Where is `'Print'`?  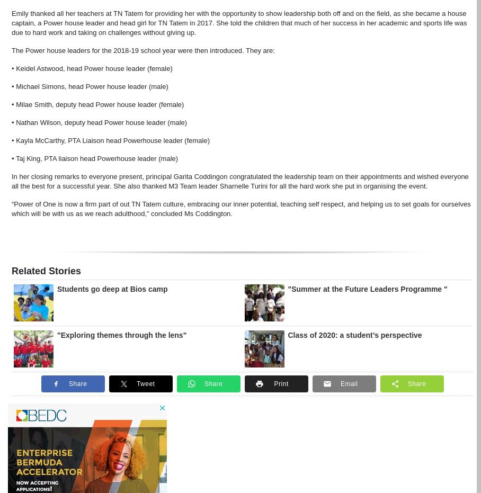
'Print' is located at coordinates (280, 383).